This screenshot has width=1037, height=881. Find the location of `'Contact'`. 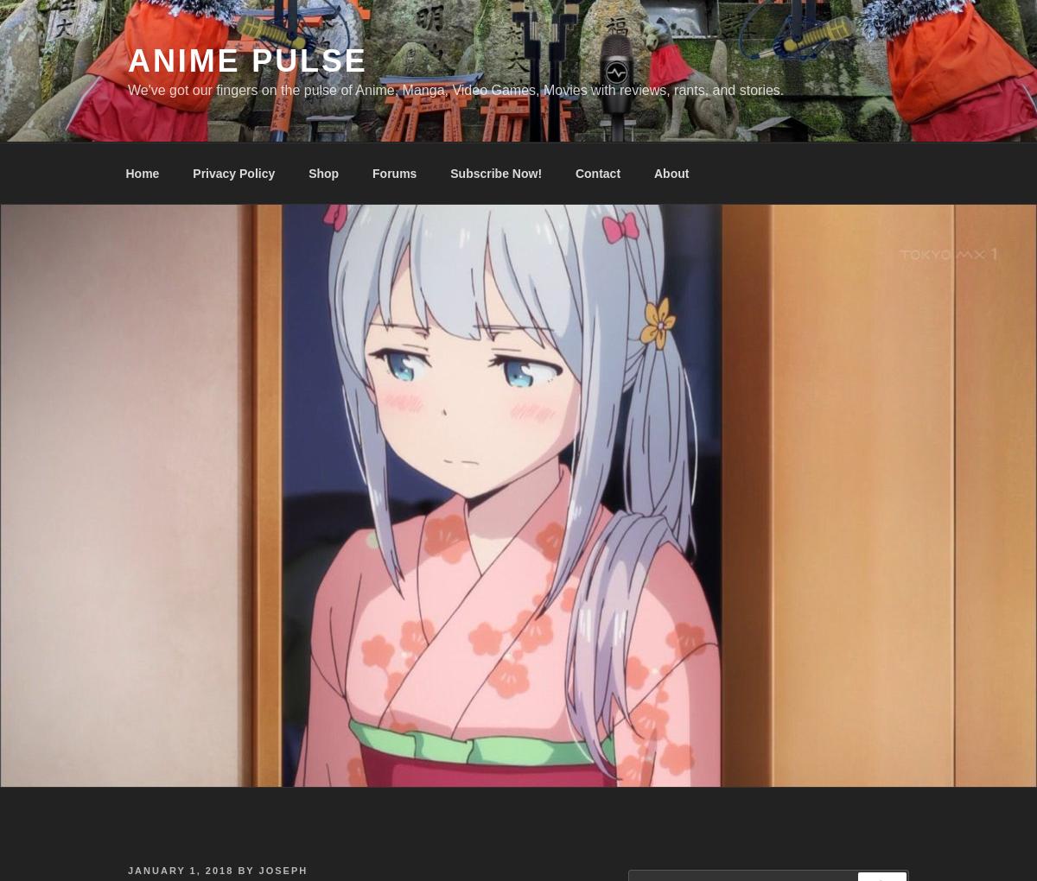

'Contact' is located at coordinates (597, 172).